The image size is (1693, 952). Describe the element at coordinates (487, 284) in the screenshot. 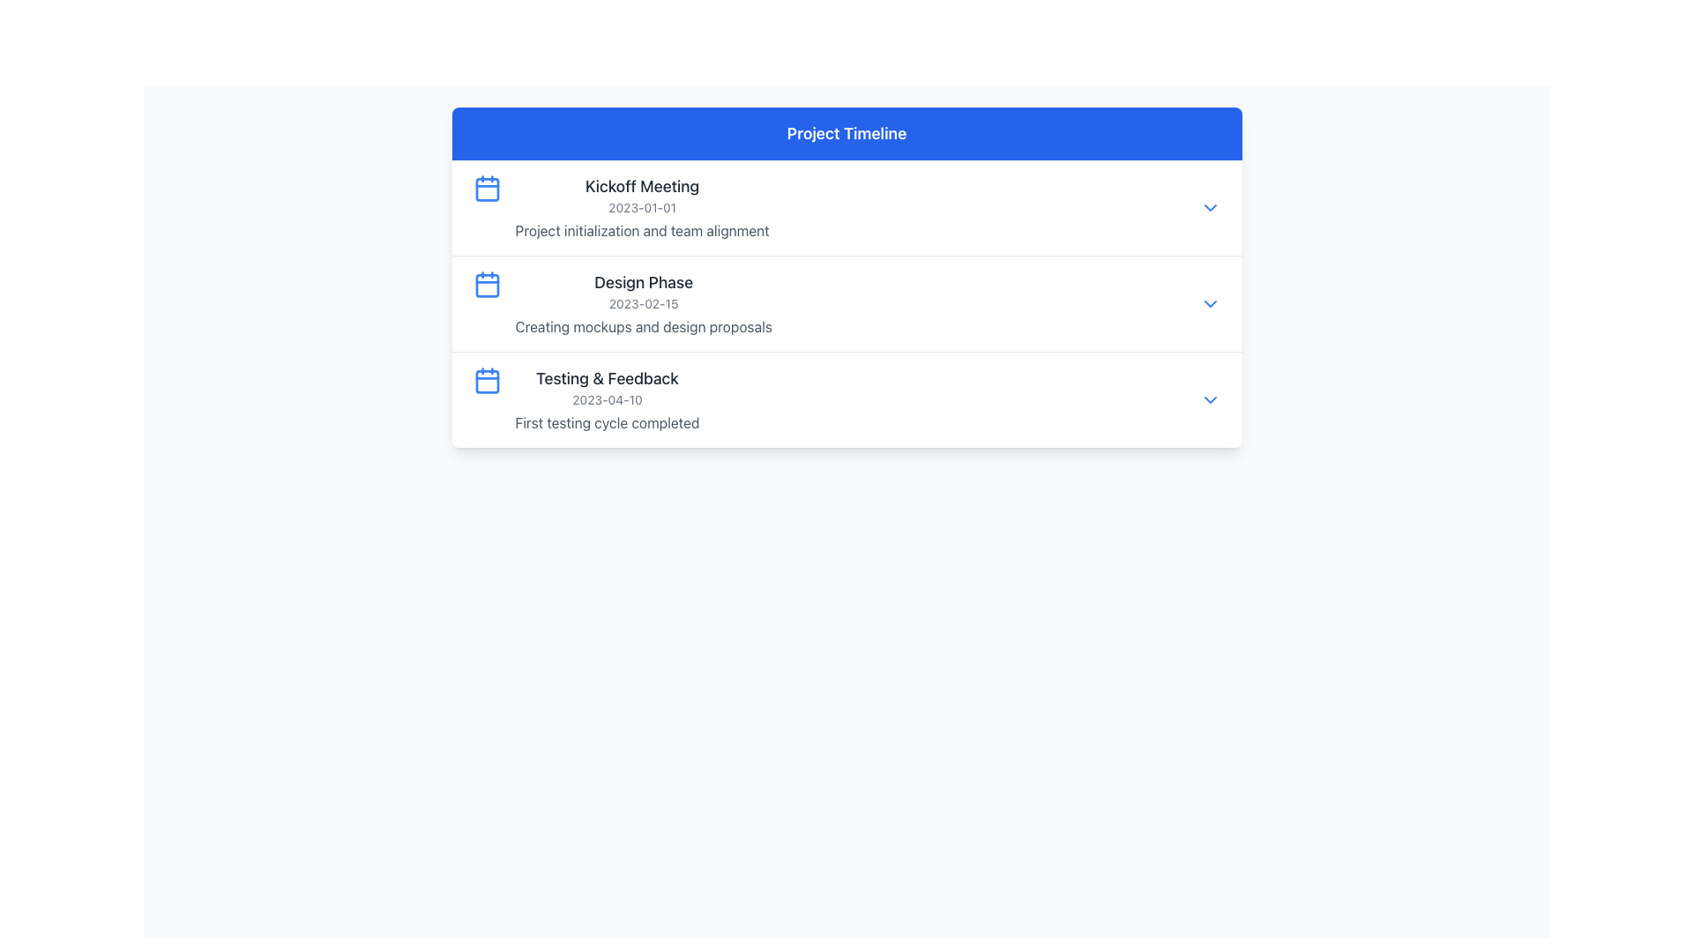

I see `the calendar icon representing the 'Design Phase' entry in the project timeline, which is the second calendar symbol in a vertical sequence and aligned with the timeline text` at that location.